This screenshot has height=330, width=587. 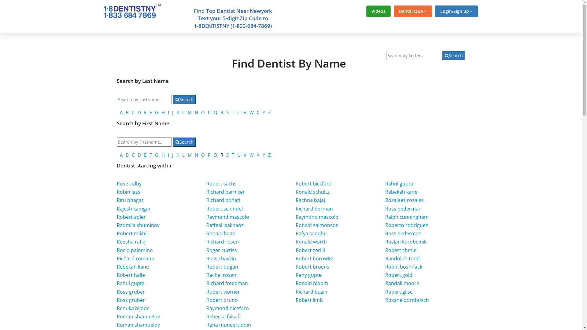 I want to click on 'Ronald worth', so click(x=311, y=241).